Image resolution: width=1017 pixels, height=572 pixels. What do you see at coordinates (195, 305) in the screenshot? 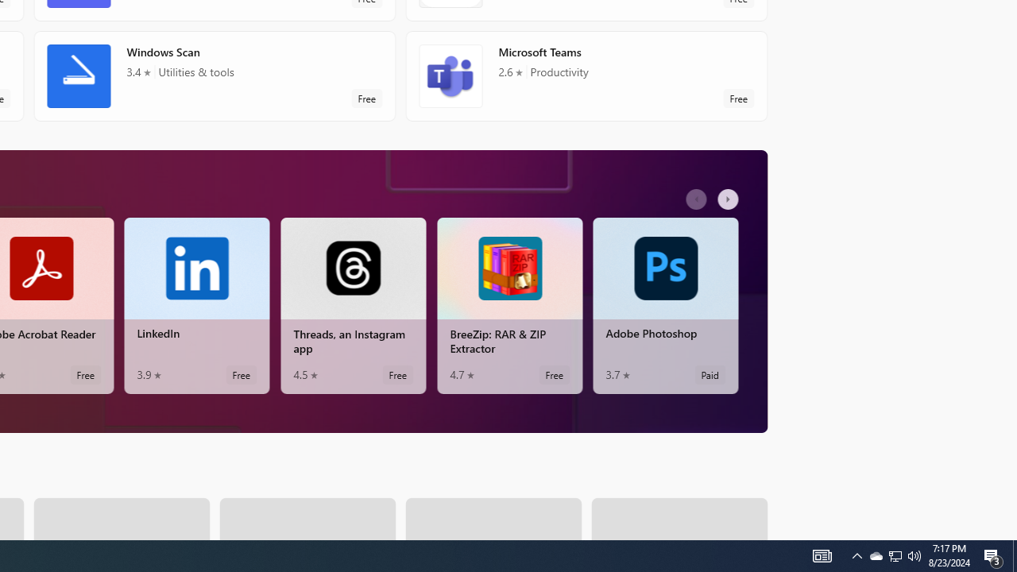
I see `'LinkedIn. Average rating of 3.9 out of five stars. Free  '` at bounding box center [195, 305].